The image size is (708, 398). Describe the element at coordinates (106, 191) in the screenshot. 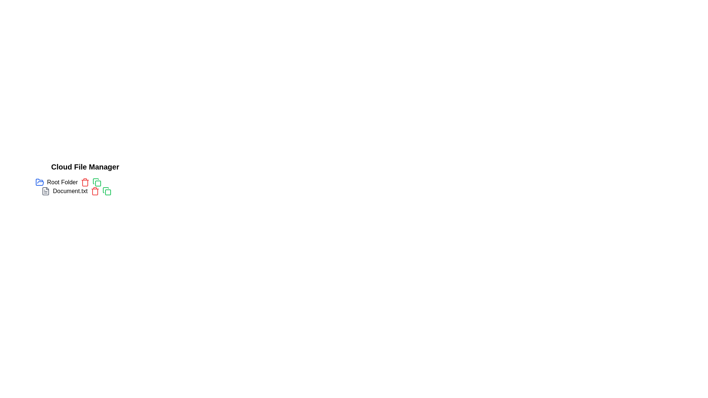

I see `the green copy symbol icon, located in the same row as 'Document.txt'` at that location.